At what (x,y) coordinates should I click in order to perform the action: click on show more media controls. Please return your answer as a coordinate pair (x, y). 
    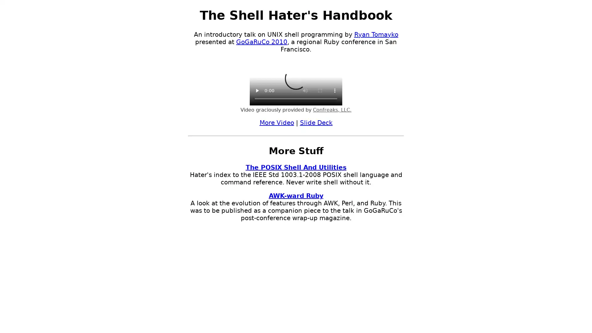
    Looking at the image, I should click on (334, 90).